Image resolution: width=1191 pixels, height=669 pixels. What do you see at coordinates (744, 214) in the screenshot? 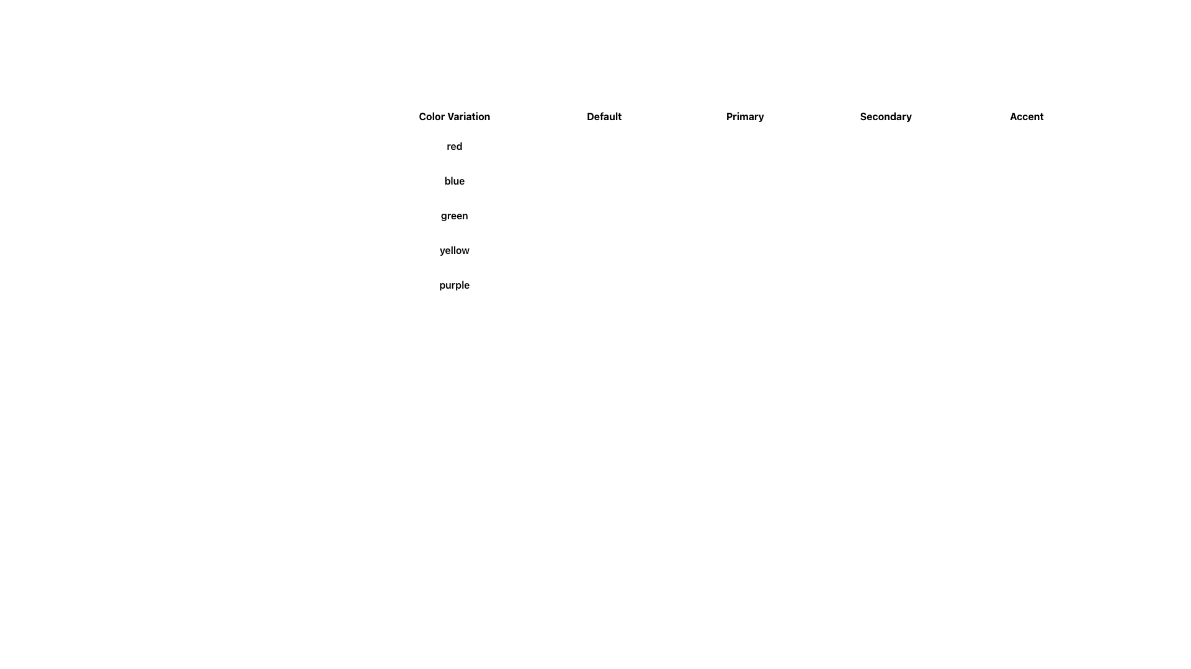
I see `the button representing the 'green' color variation in the 'Primary' category, which is the third element in its row` at bounding box center [744, 214].